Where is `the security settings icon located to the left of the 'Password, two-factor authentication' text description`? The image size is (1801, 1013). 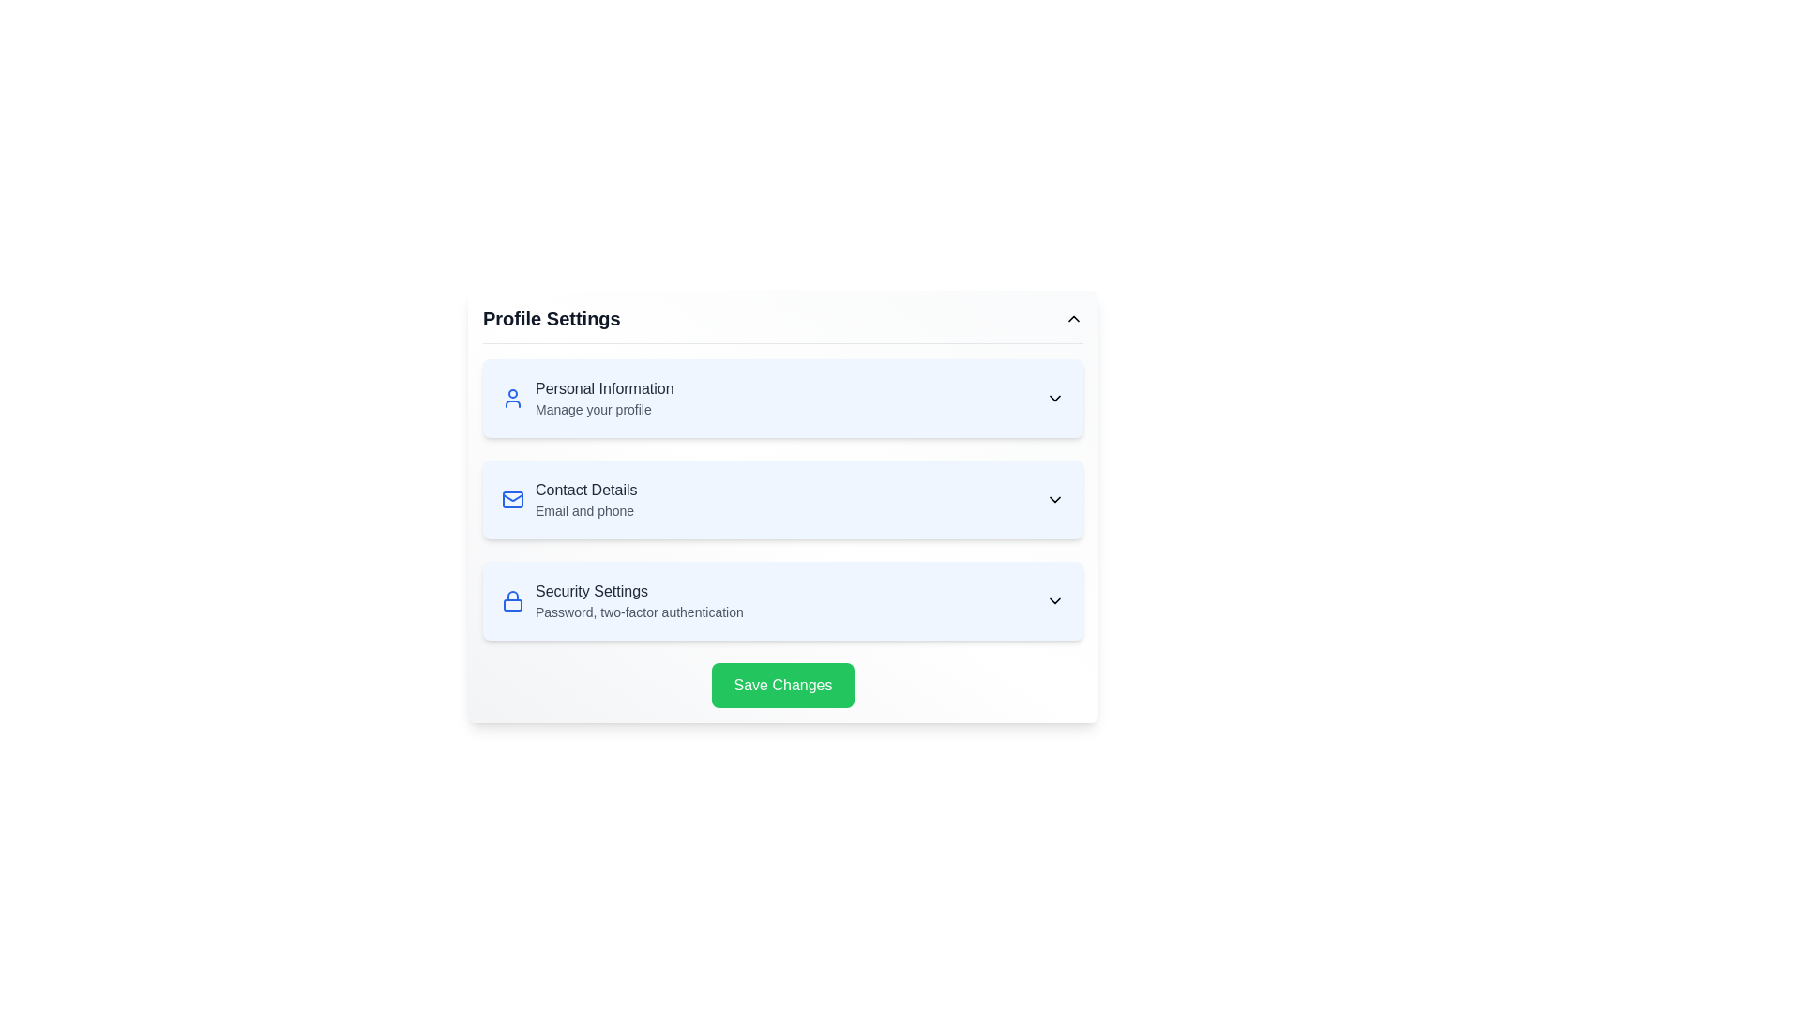 the security settings icon located to the left of the 'Password, two-factor authentication' text description is located at coordinates (513, 600).